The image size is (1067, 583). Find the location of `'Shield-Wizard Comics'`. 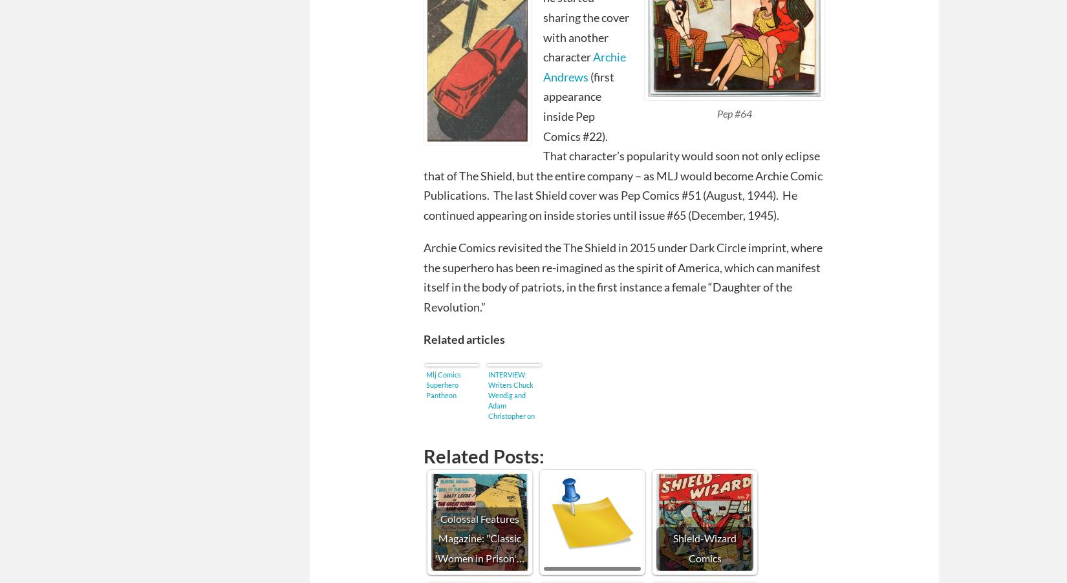

'Shield-Wizard Comics' is located at coordinates (704, 547).